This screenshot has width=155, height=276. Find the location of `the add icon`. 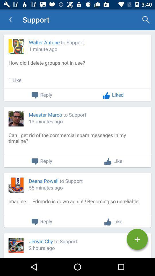

the add icon is located at coordinates (137, 239).